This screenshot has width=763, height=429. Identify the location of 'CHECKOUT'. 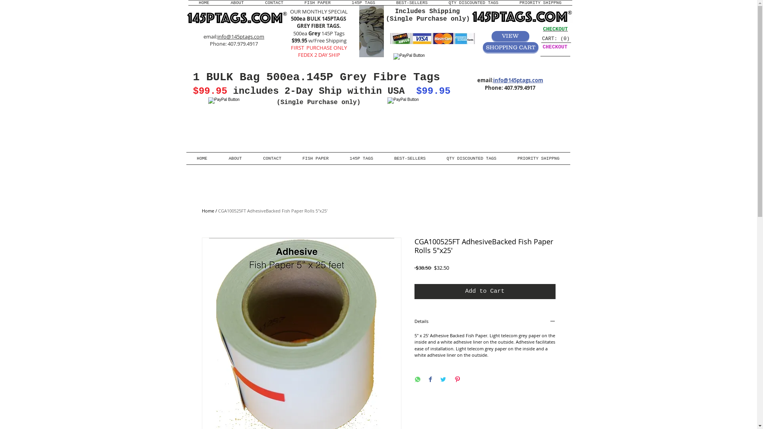
(554, 47).